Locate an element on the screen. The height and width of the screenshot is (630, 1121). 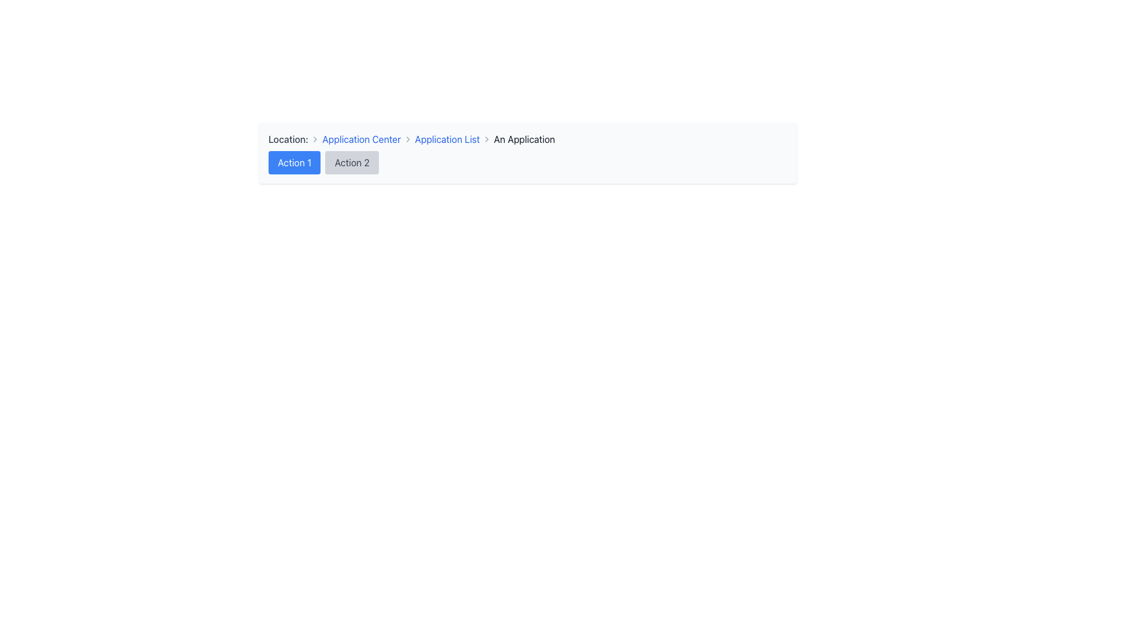
the second clickable text link in the breadcrumb navigation that redirects users to the 'Application Center' page is located at coordinates (361, 139).